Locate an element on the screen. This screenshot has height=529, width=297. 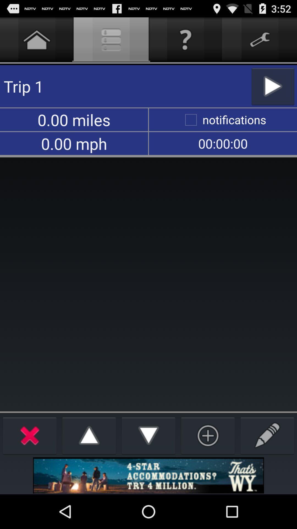
option is located at coordinates (208, 435).